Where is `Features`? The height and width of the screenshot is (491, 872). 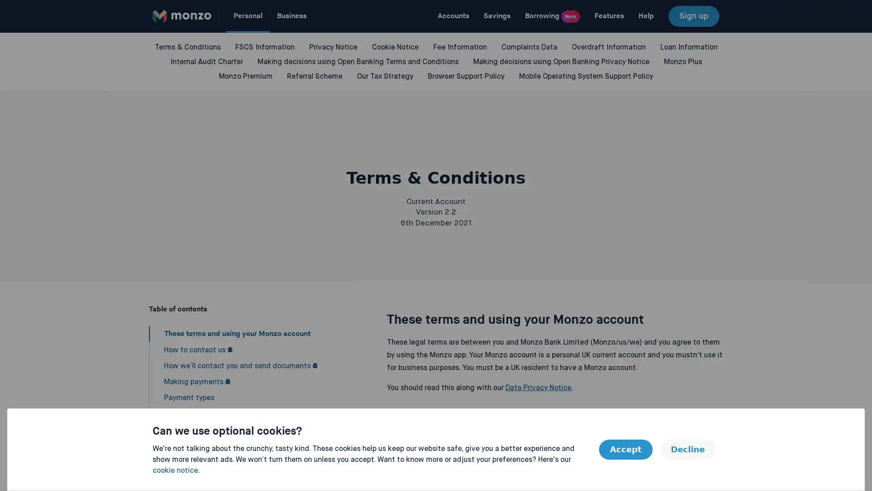
Features is located at coordinates (609, 16).